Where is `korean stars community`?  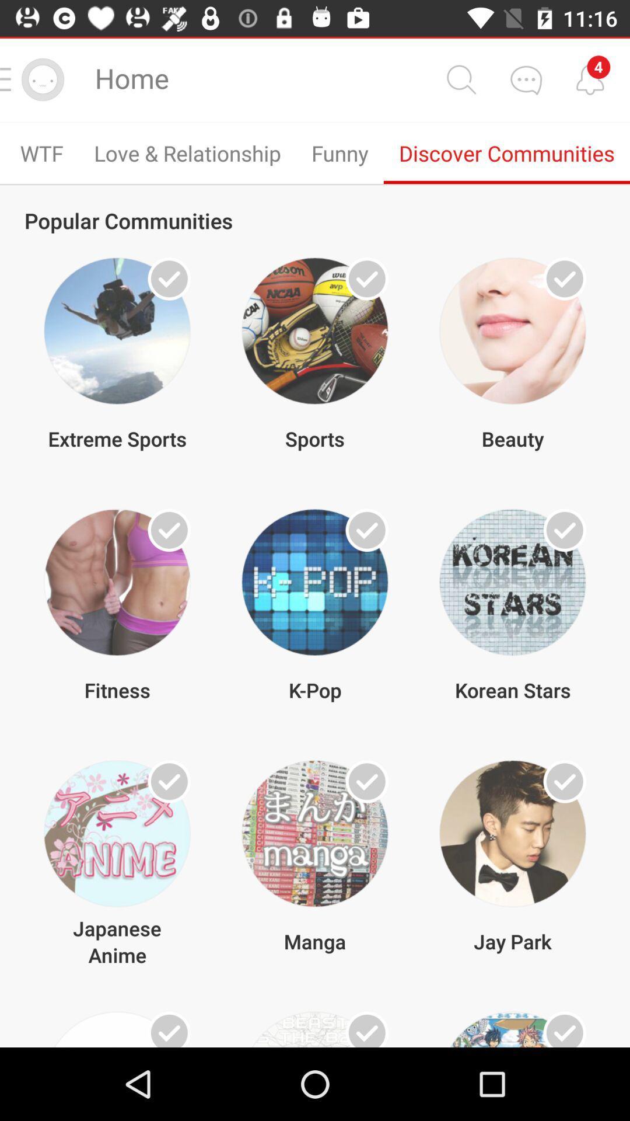 korean stars community is located at coordinates (564, 530).